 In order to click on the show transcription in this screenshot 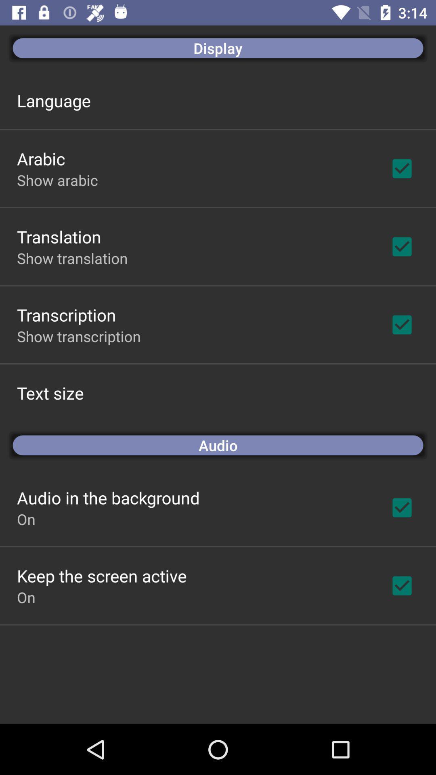, I will do `click(79, 336)`.